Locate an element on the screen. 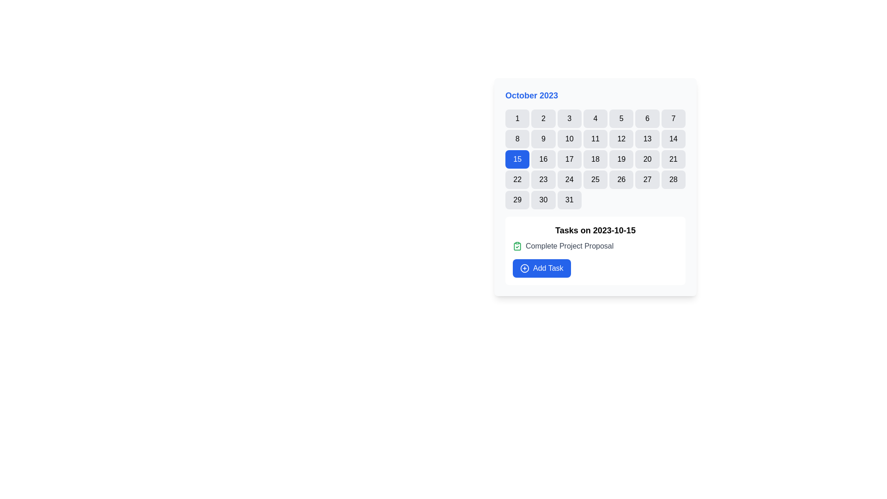 The image size is (887, 499). the button representing the 18th day of the month in the calendar view is located at coordinates (595, 158).